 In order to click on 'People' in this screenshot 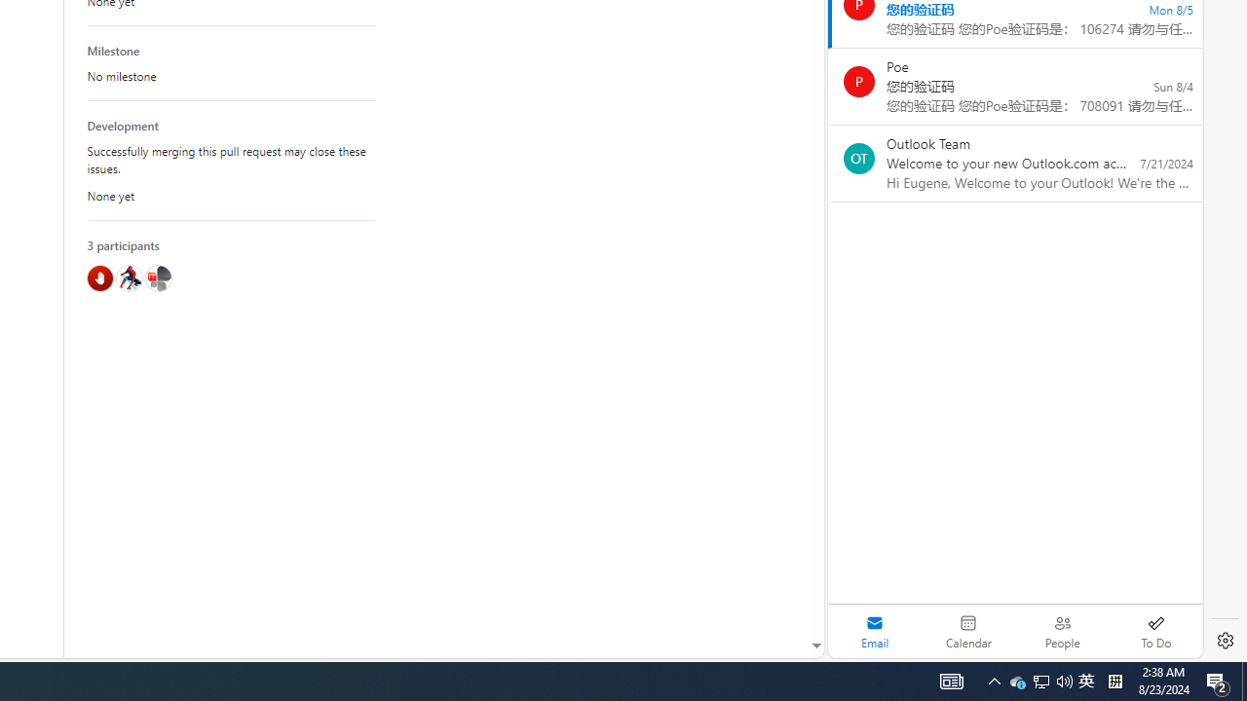, I will do `click(1061, 631)`.